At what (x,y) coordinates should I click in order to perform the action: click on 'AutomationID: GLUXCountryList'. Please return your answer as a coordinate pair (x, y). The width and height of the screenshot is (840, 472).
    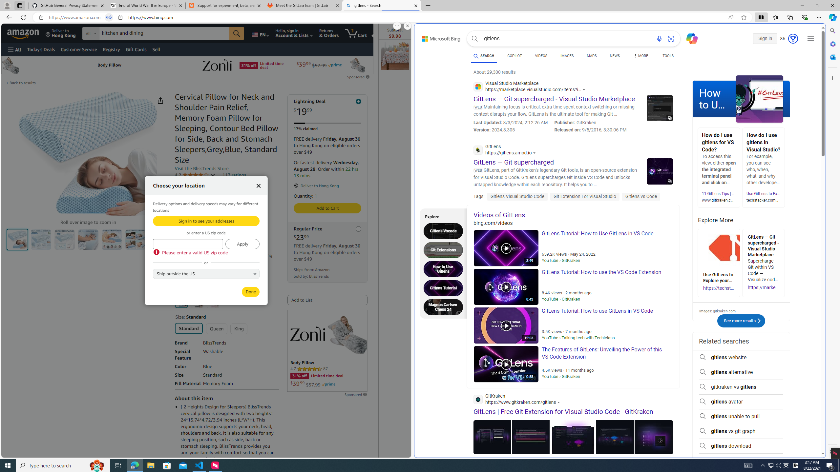
    Looking at the image, I should click on (206, 273).